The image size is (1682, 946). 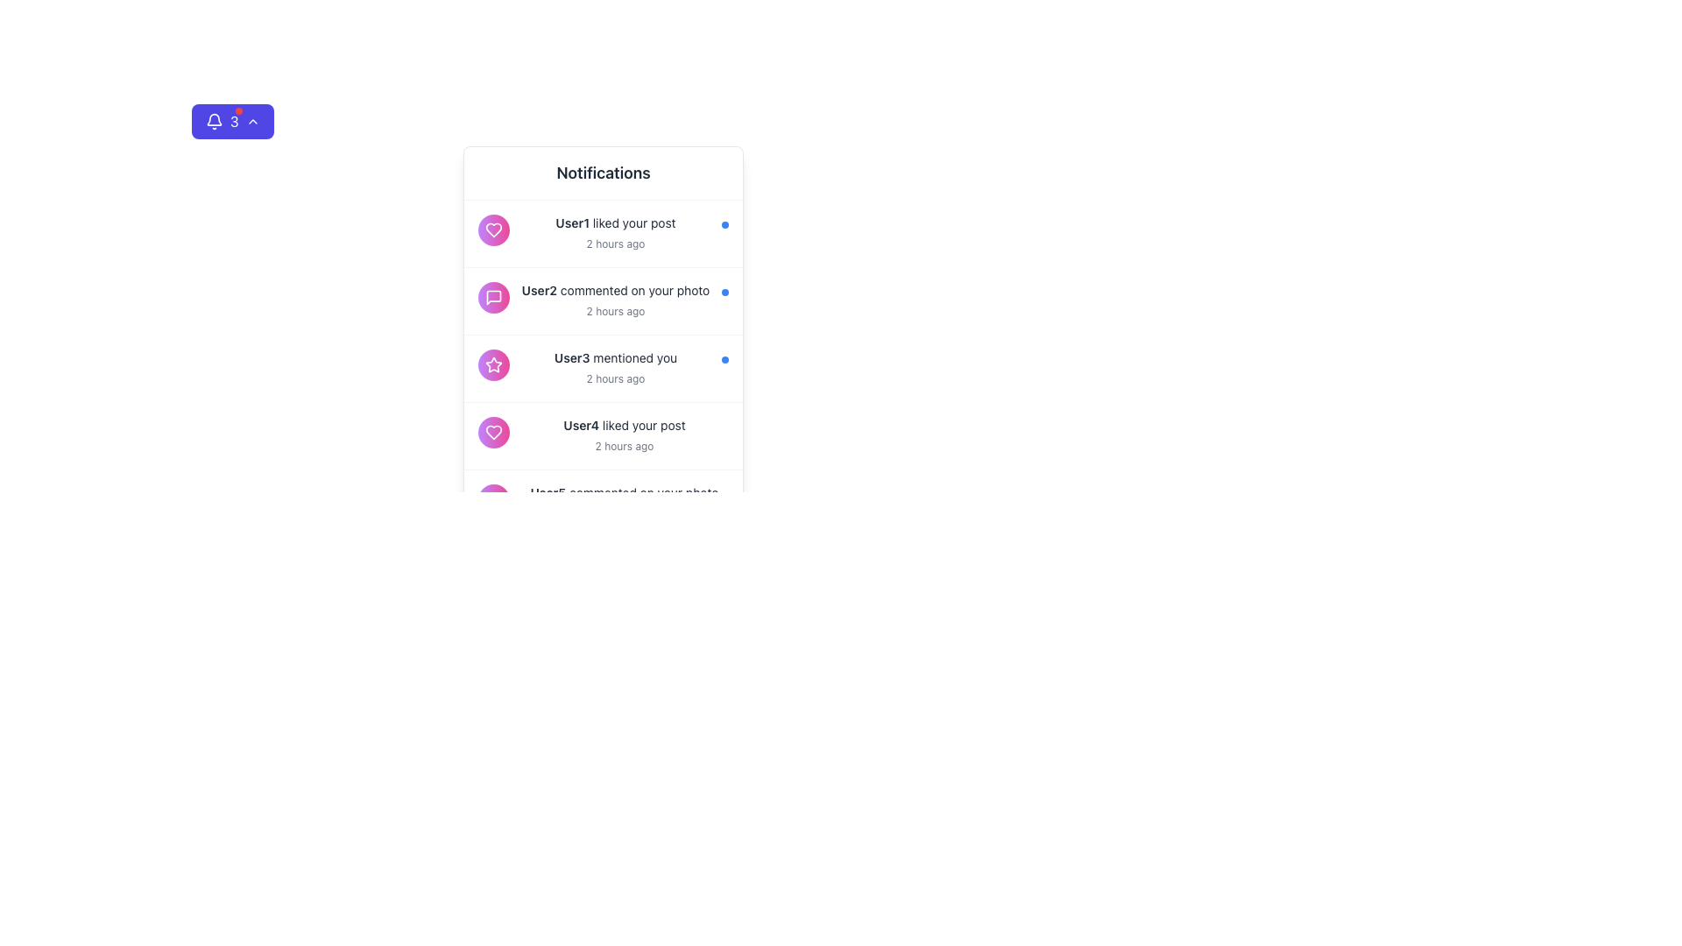 What do you see at coordinates (538, 289) in the screenshot?
I see `the Text Label displaying 'User2', which is positioned at the start of a notification message in the second notification entry of the notifications list` at bounding box center [538, 289].